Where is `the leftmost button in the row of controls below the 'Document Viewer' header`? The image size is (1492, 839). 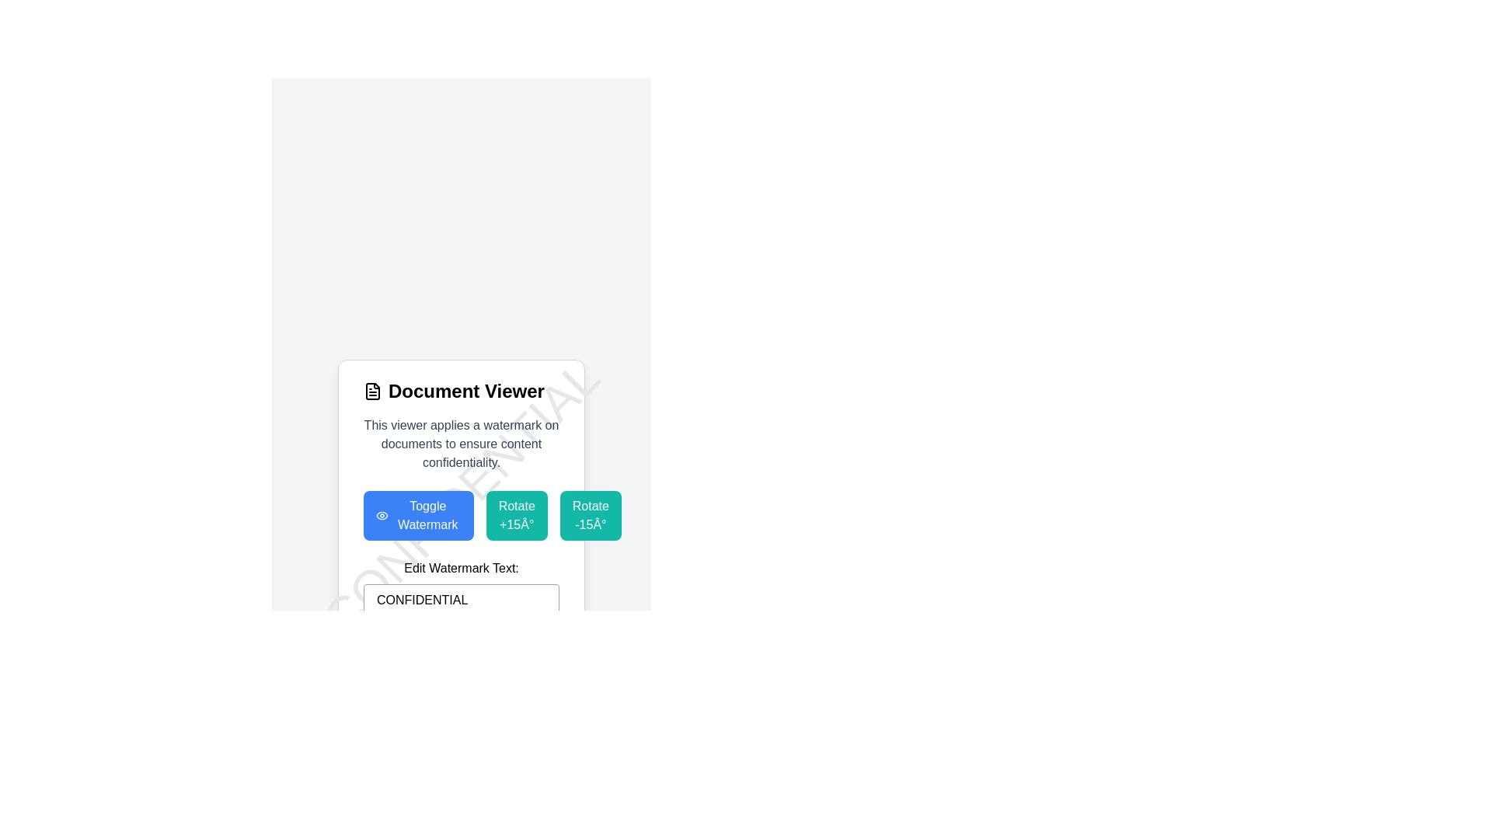 the leftmost button in the row of controls below the 'Document Viewer' header is located at coordinates (461, 497).